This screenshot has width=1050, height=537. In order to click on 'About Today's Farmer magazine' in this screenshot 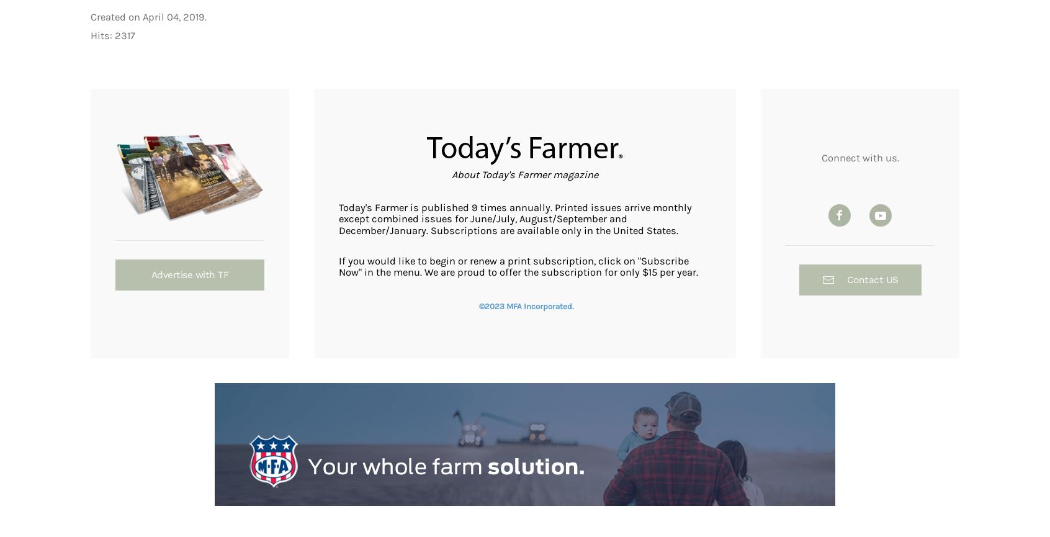, I will do `click(525, 173)`.